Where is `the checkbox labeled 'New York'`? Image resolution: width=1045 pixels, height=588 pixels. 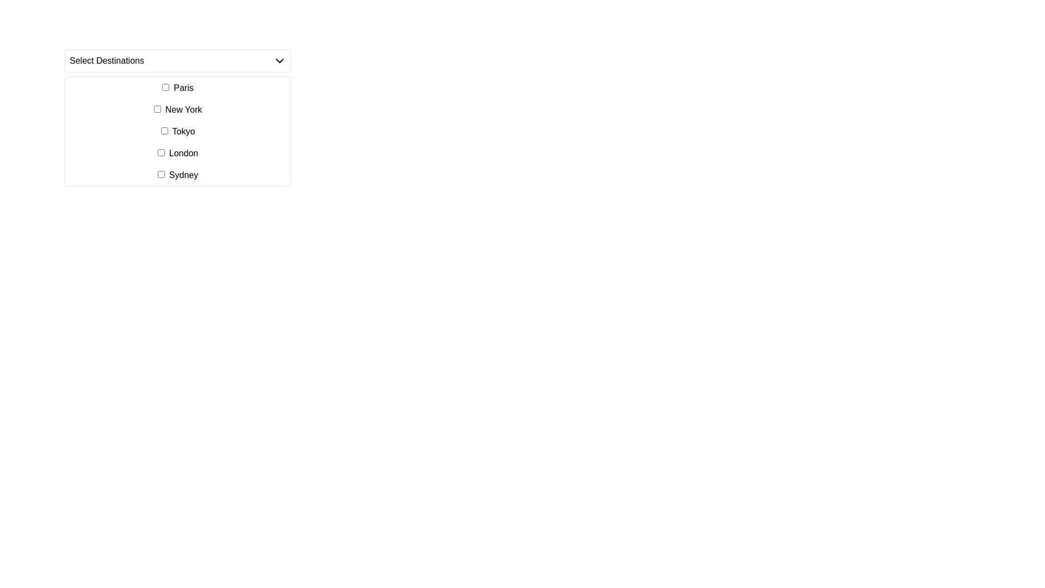 the checkbox labeled 'New York' is located at coordinates (177, 109).